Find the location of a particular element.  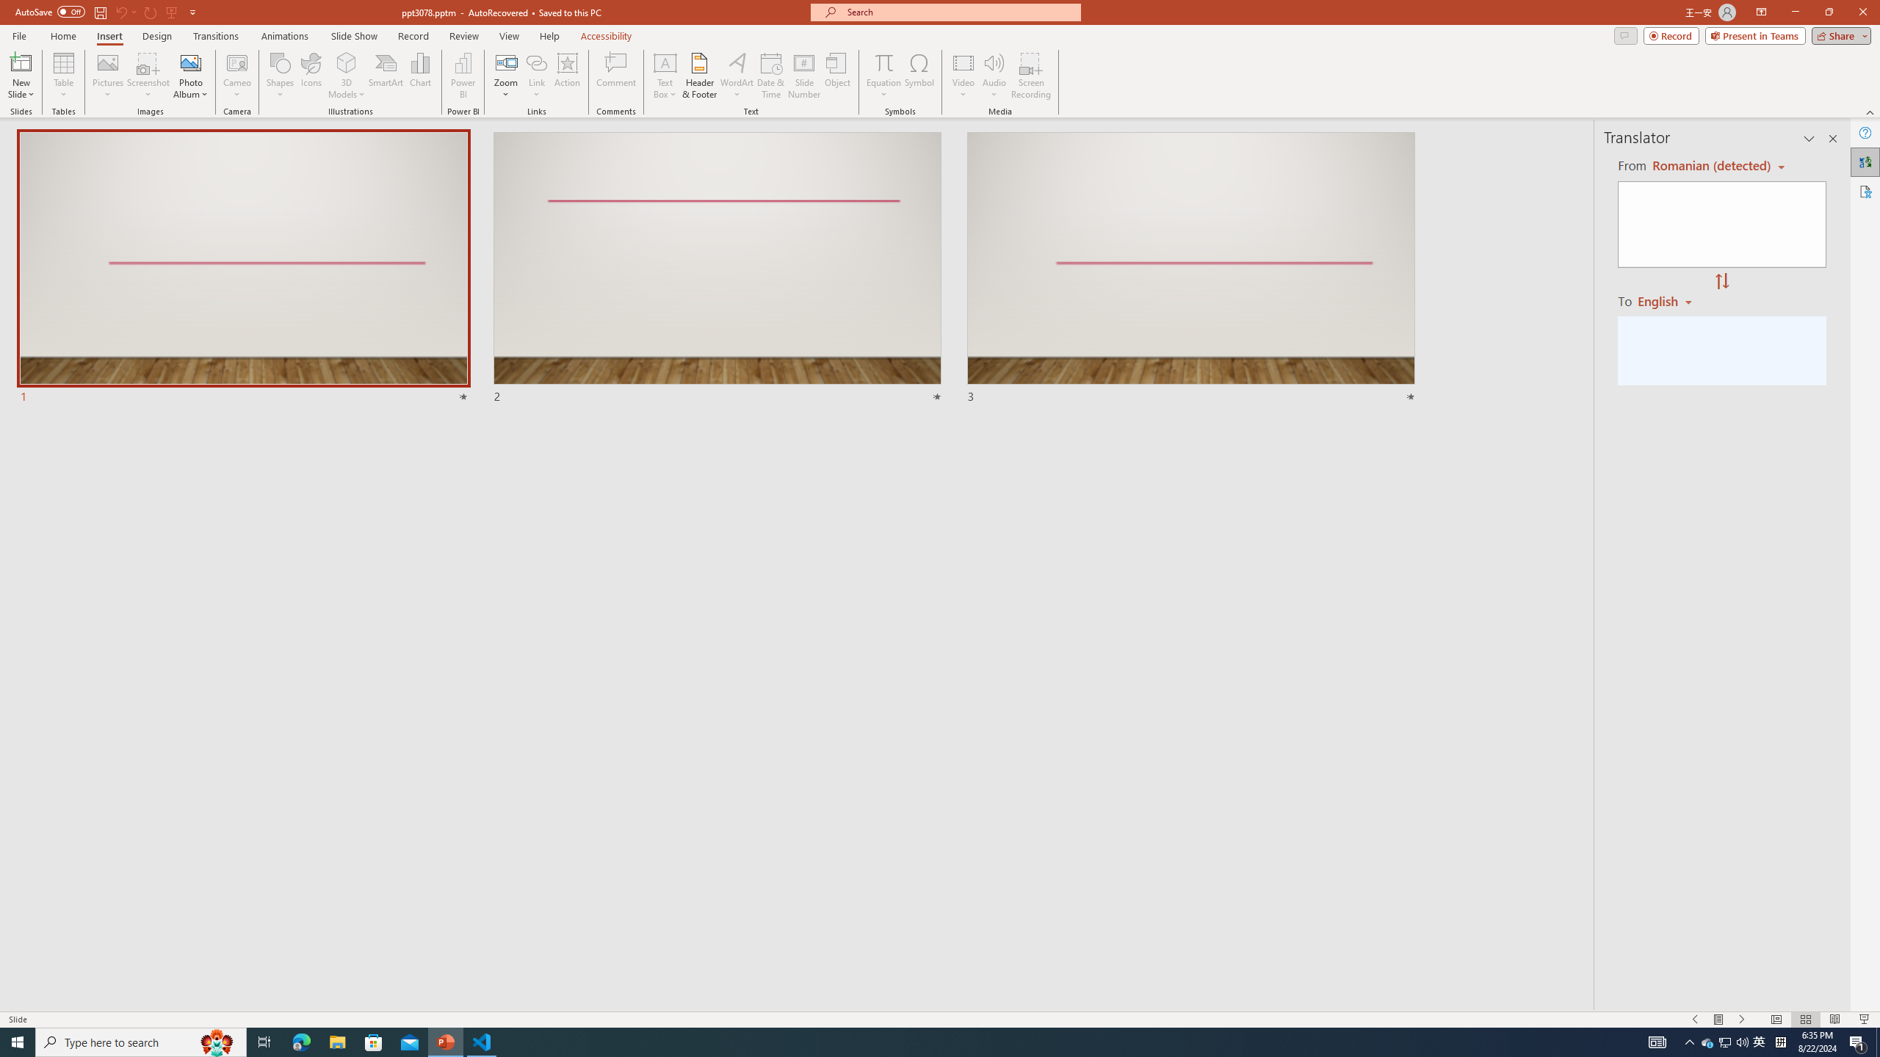

'Table' is located at coordinates (63, 76).